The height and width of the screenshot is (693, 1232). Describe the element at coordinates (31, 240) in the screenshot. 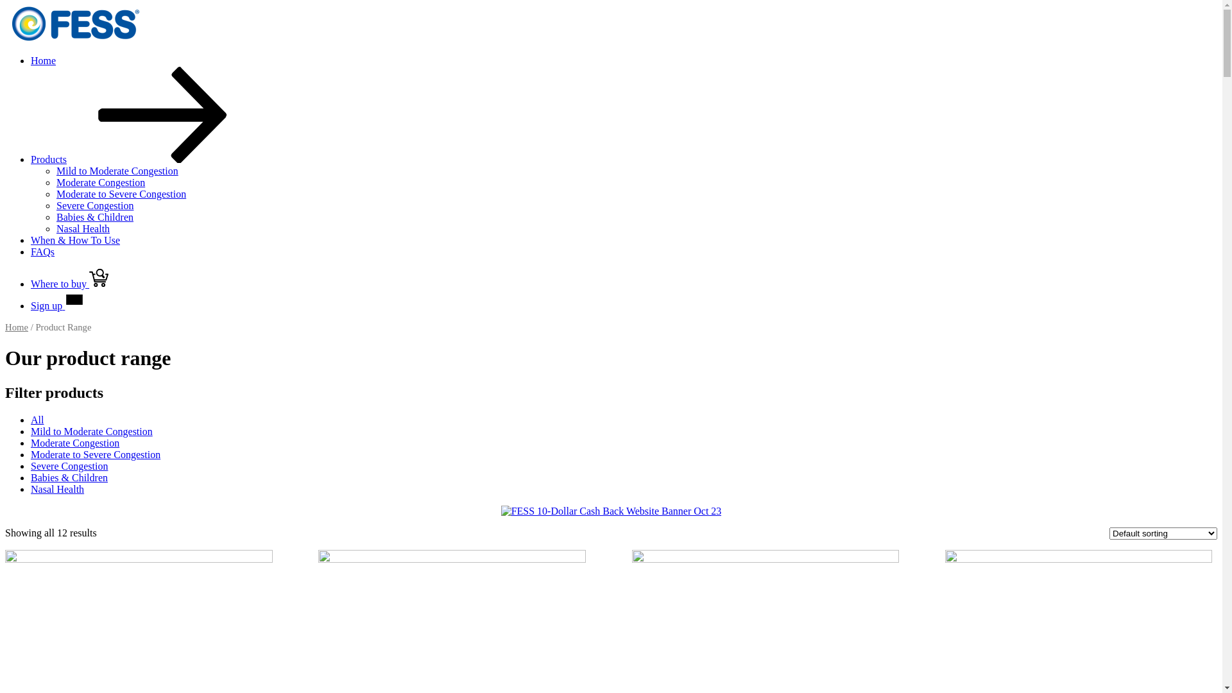

I see `'When & How To Use'` at that location.